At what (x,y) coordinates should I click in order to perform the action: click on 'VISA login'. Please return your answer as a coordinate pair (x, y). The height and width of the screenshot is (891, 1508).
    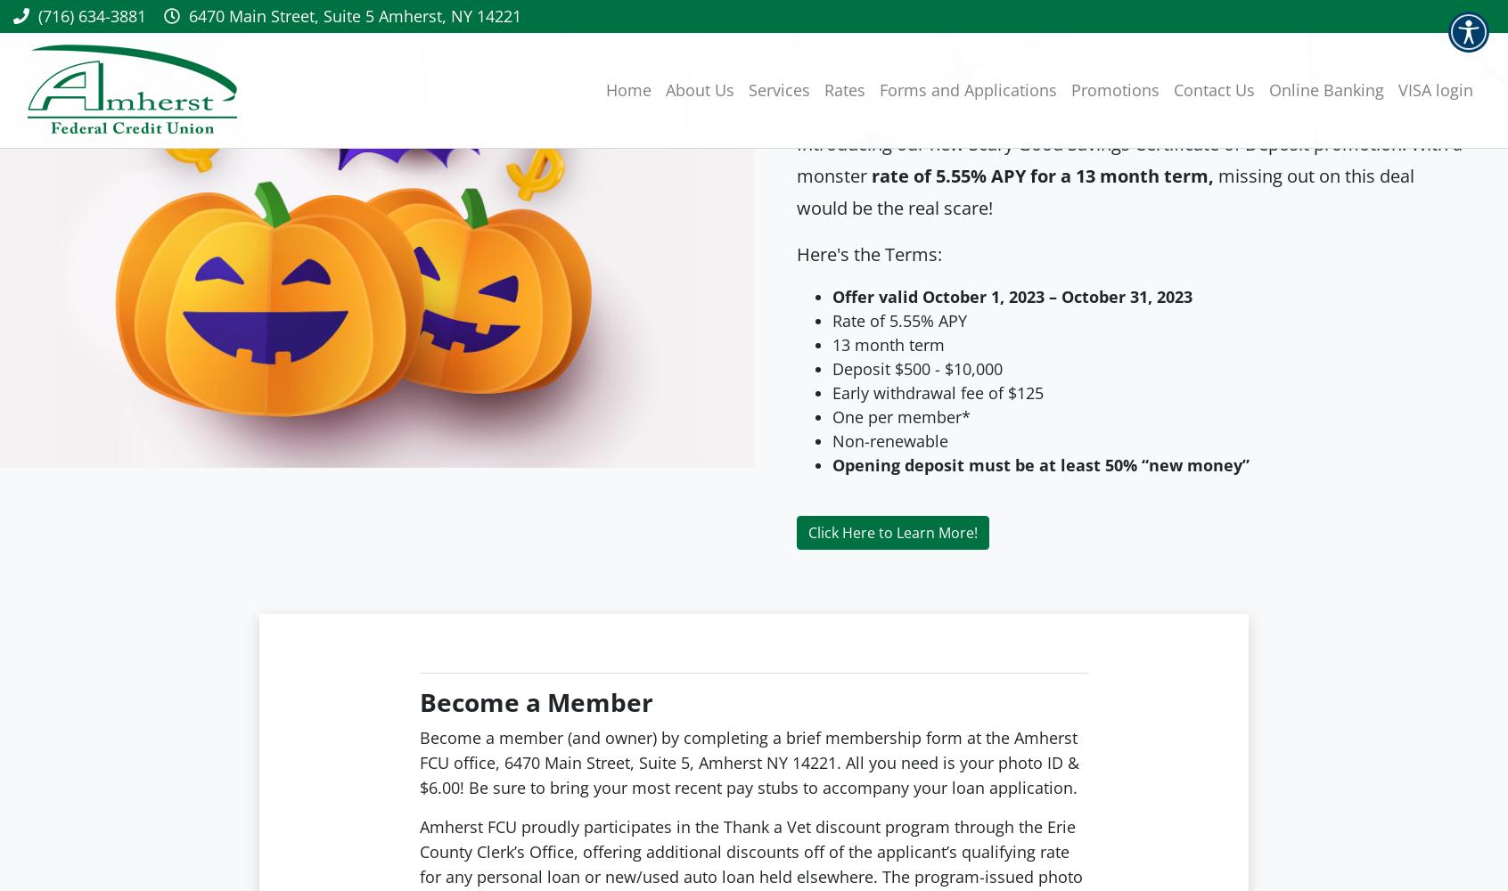
    Looking at the image, I should click on (1434, 89).